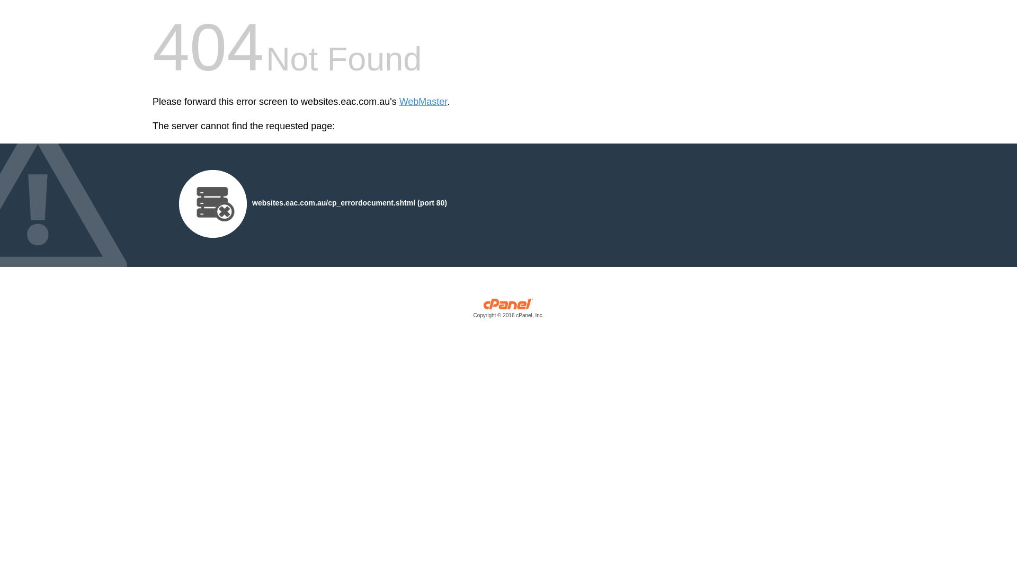  I want to click on 'WebMaster', so click(423, 102).